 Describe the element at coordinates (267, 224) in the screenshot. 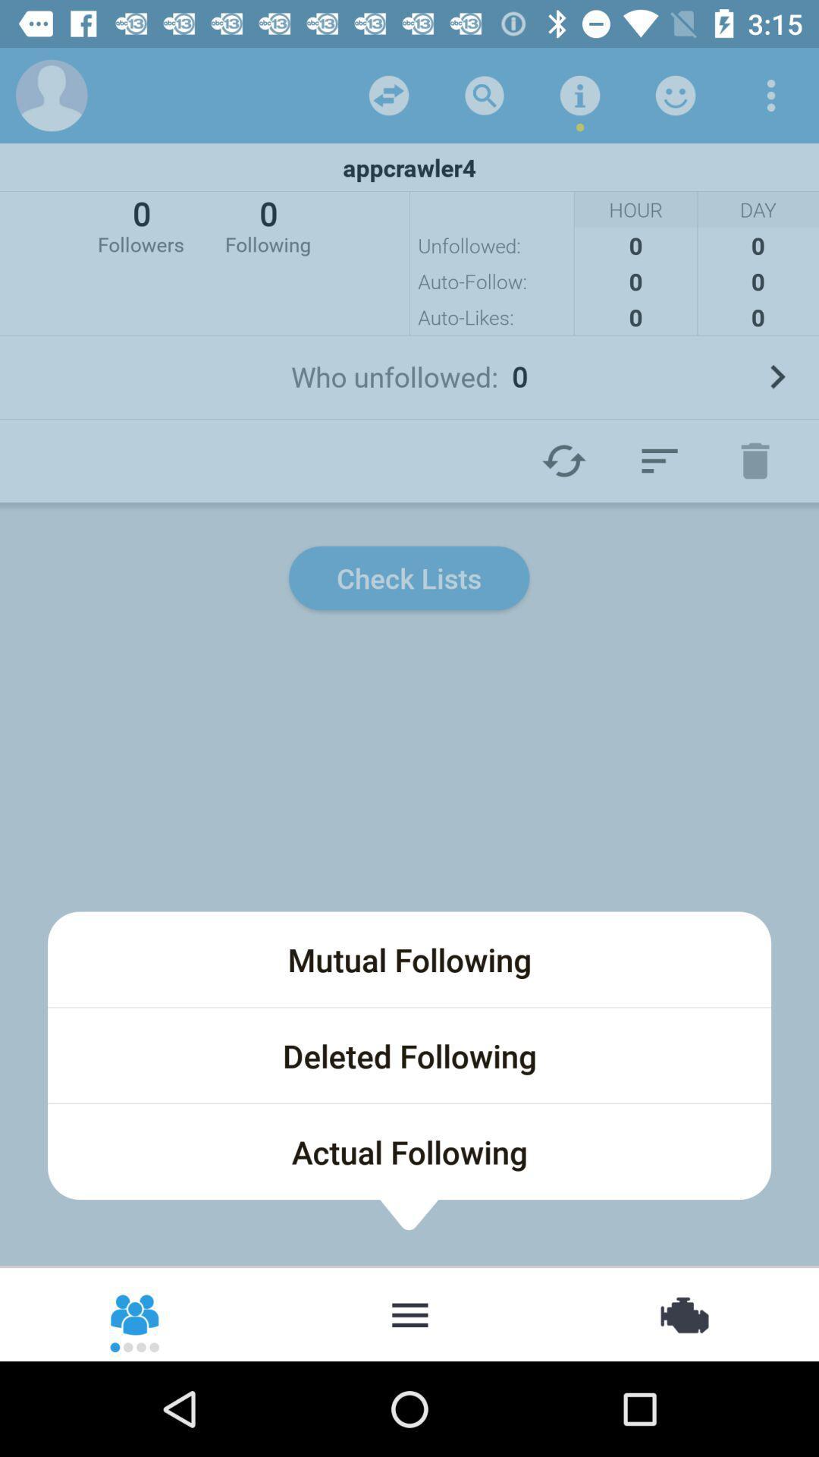

I see `item below appcrawler4` at that location.